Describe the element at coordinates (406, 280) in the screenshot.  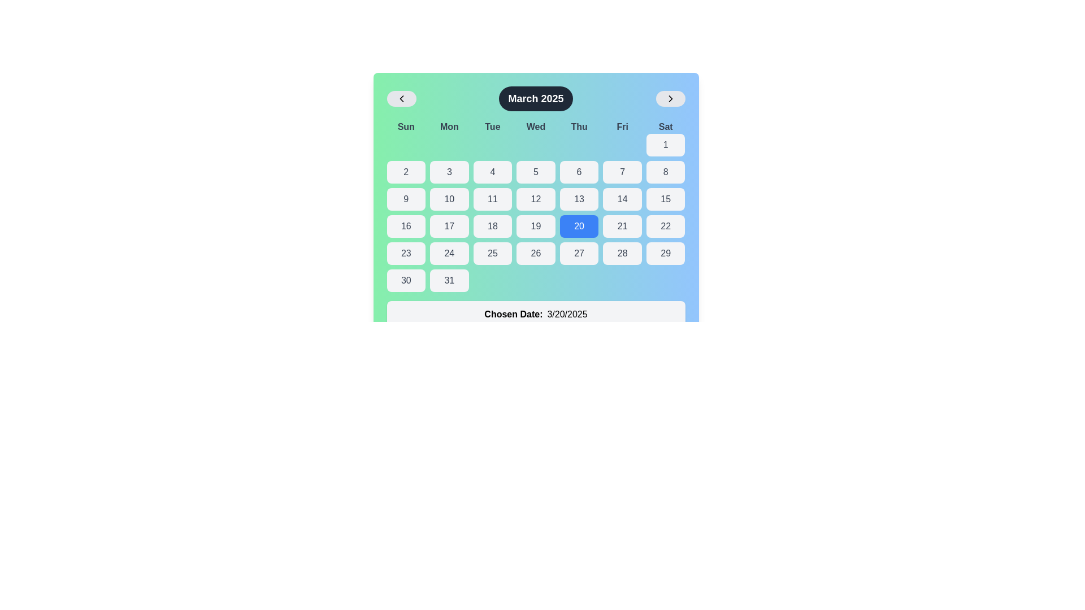
I see `the button representing the 30th day of the month in the calendar interface` at that location.